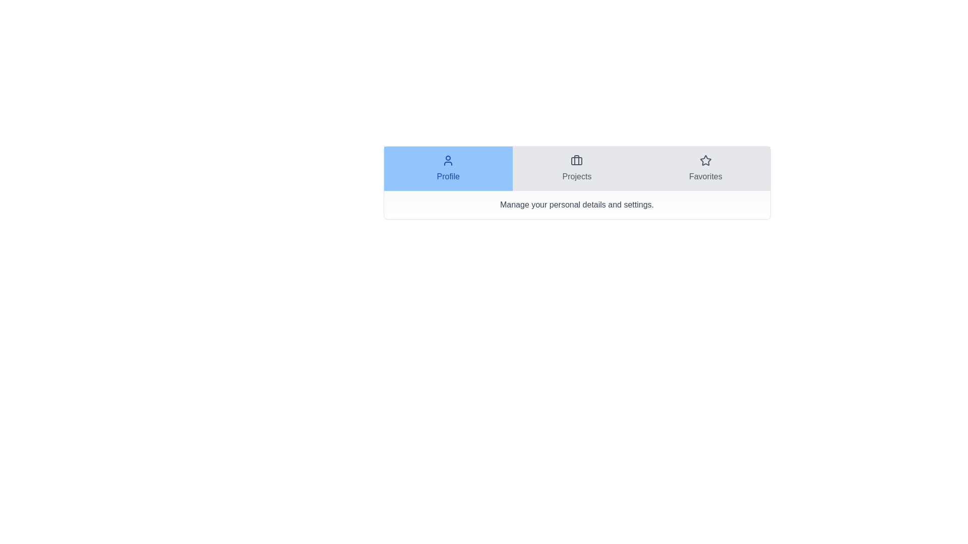 The width and height of the screenshot is (968, 544). Describe the element at coordinates (704, 168) in the screenshot. I see `the tab labeled Favorites` at that location.